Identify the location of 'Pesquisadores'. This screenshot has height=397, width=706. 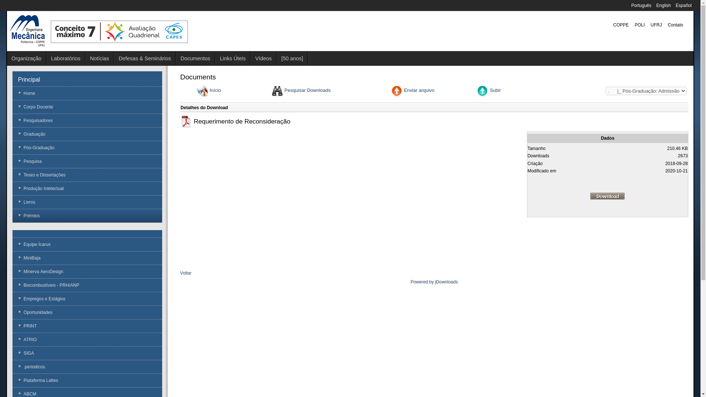
(87, 120).